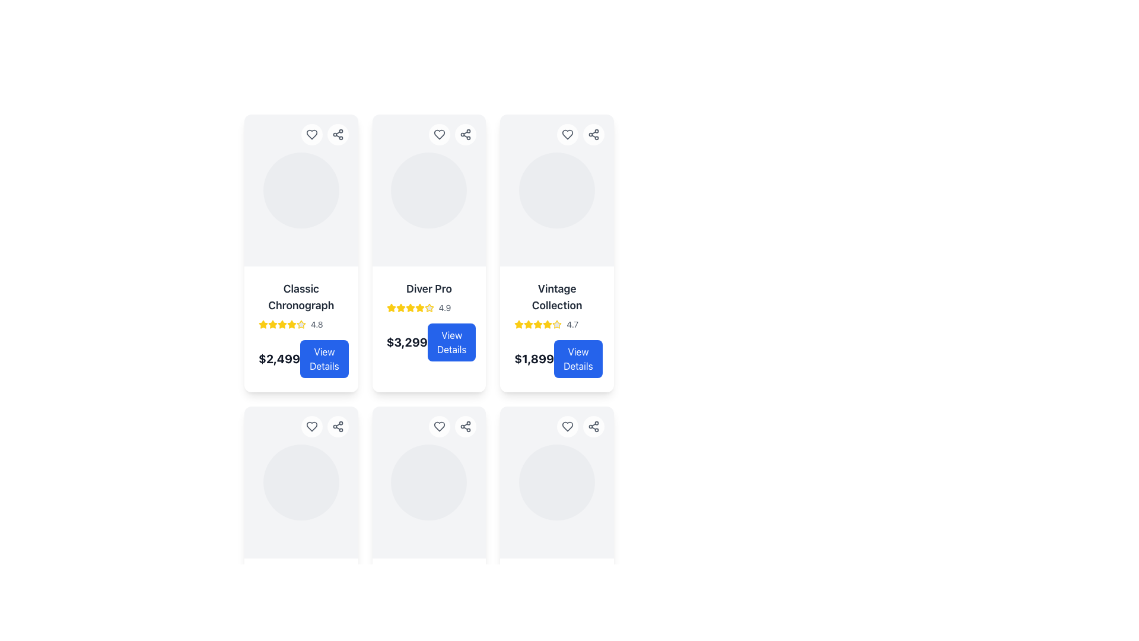  Describe the element at coordinates (556, 189) in the screenshot. I see `the visual placeholder or loading indicator located in the third card above the 'Vintage Collection' title` at that location.